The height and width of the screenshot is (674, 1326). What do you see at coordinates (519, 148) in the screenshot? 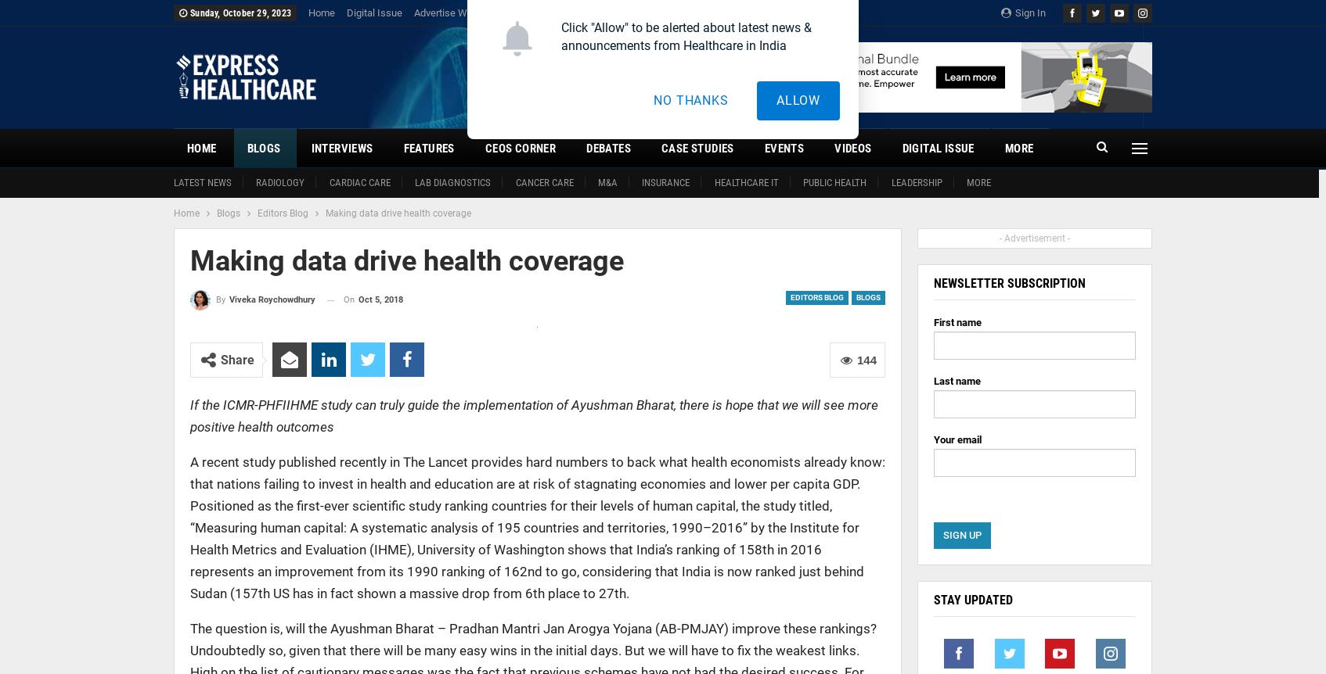
I see `'CEOs Corner'` at bounding box center [519, 148].